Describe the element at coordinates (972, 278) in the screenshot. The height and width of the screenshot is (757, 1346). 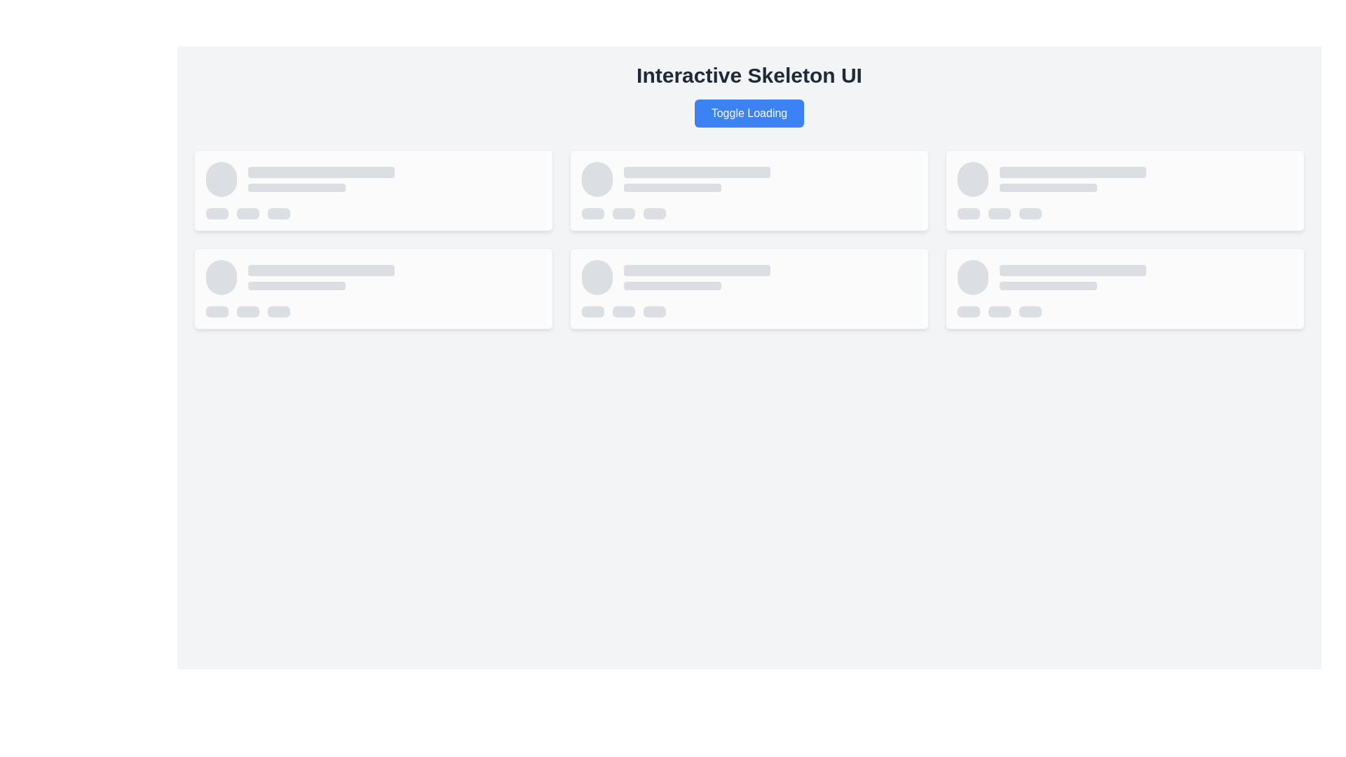
I see `the circular avatar placeholder located at the top-right of the third card in the bottom row of the grid layout, which serves as a profile image placeholder` at that location.